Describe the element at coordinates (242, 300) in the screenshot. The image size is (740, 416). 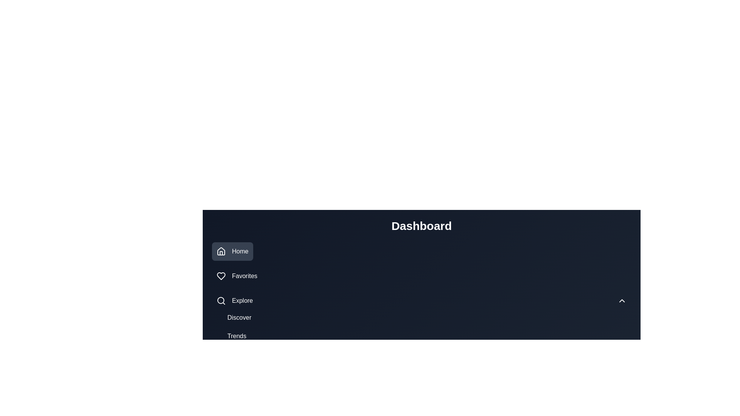
I see `the 'Explore' text label in the vertical navigation bar that is part of a search button group with a magnifying glass icon to its left` at that location.